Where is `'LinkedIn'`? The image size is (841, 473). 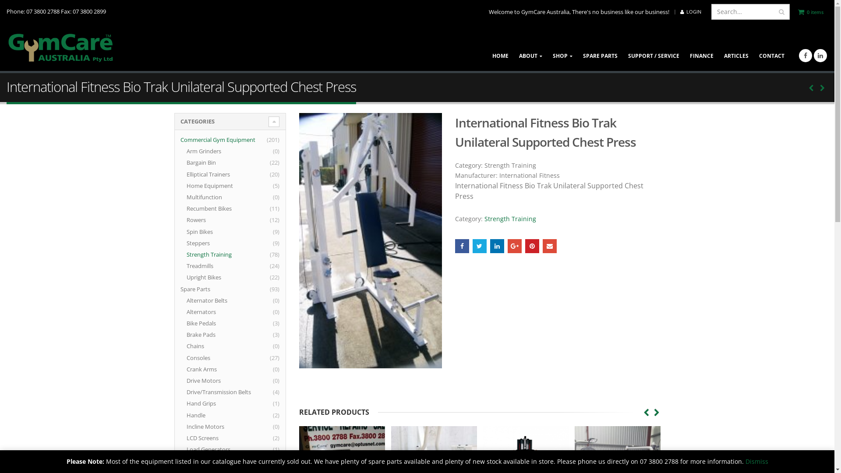
'LinkedIn' is located at coordinates (497, 246).